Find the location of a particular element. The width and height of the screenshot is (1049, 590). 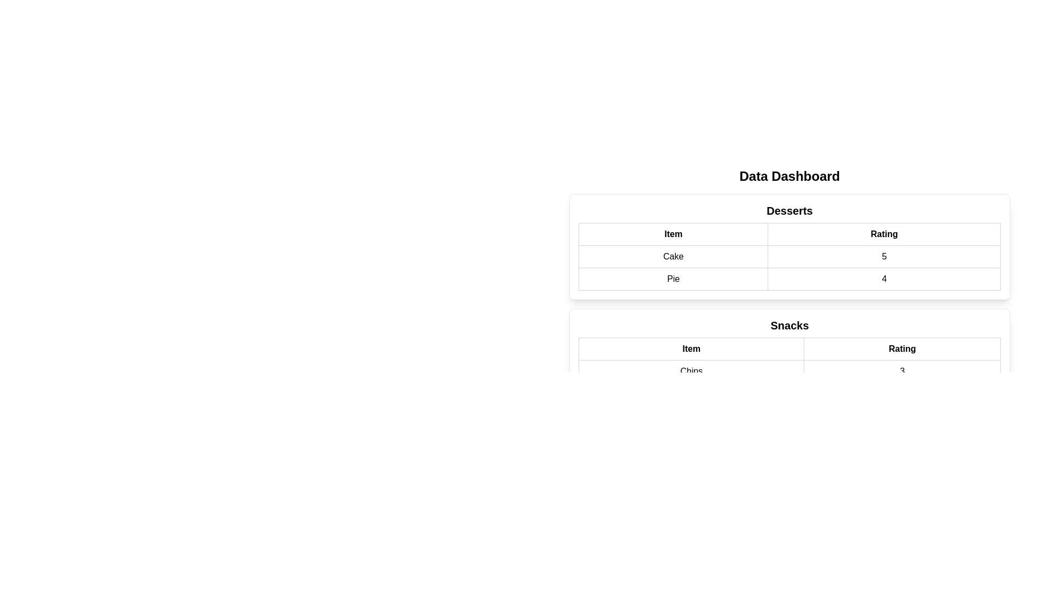

the text 'Chips' in the table by selecting the corresponding cell is located at coordinates (691, 370).